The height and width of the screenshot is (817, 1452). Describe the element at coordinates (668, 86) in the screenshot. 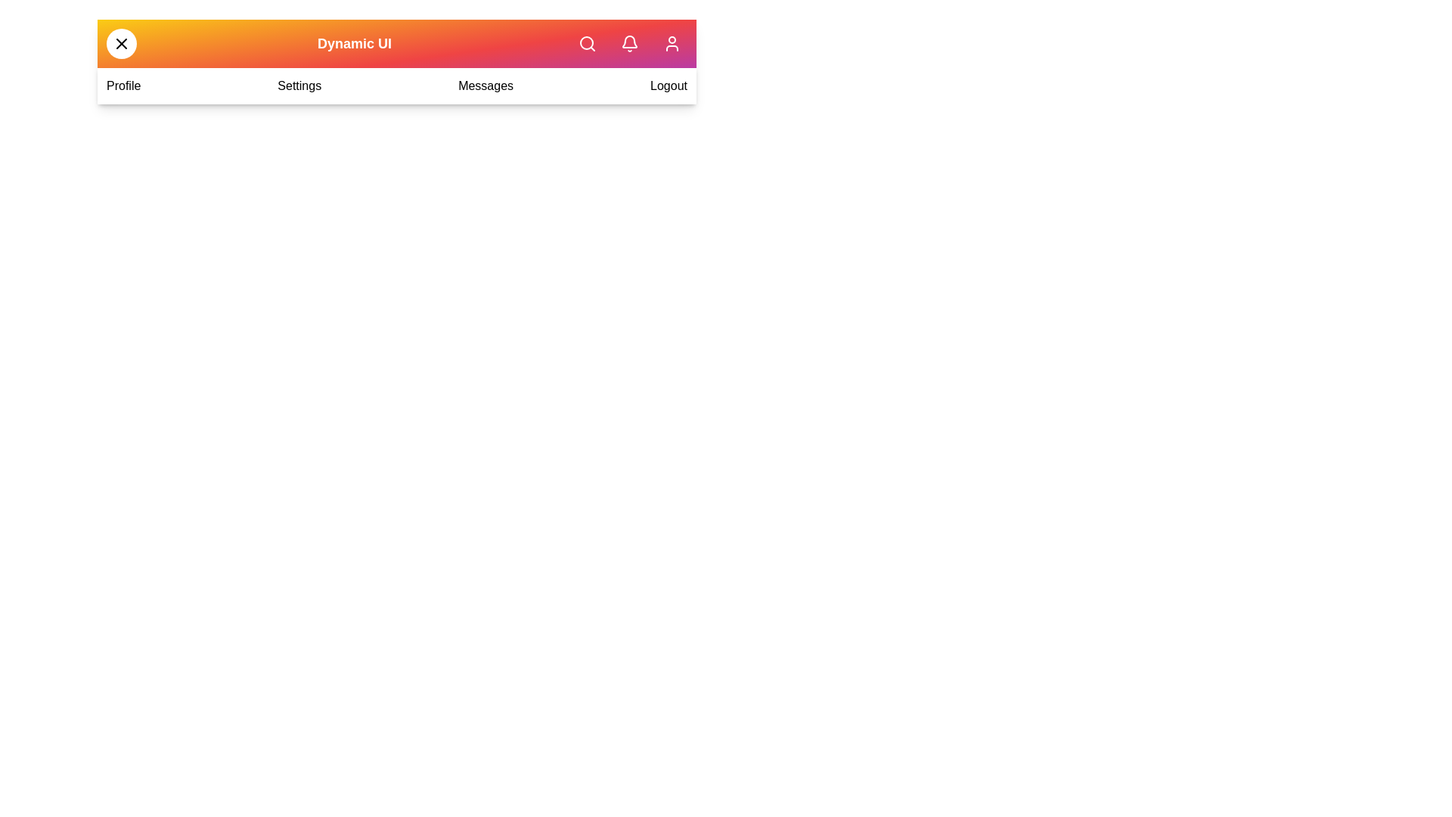

I see `the 'Logout' menu item in the navigation bar` at that location.